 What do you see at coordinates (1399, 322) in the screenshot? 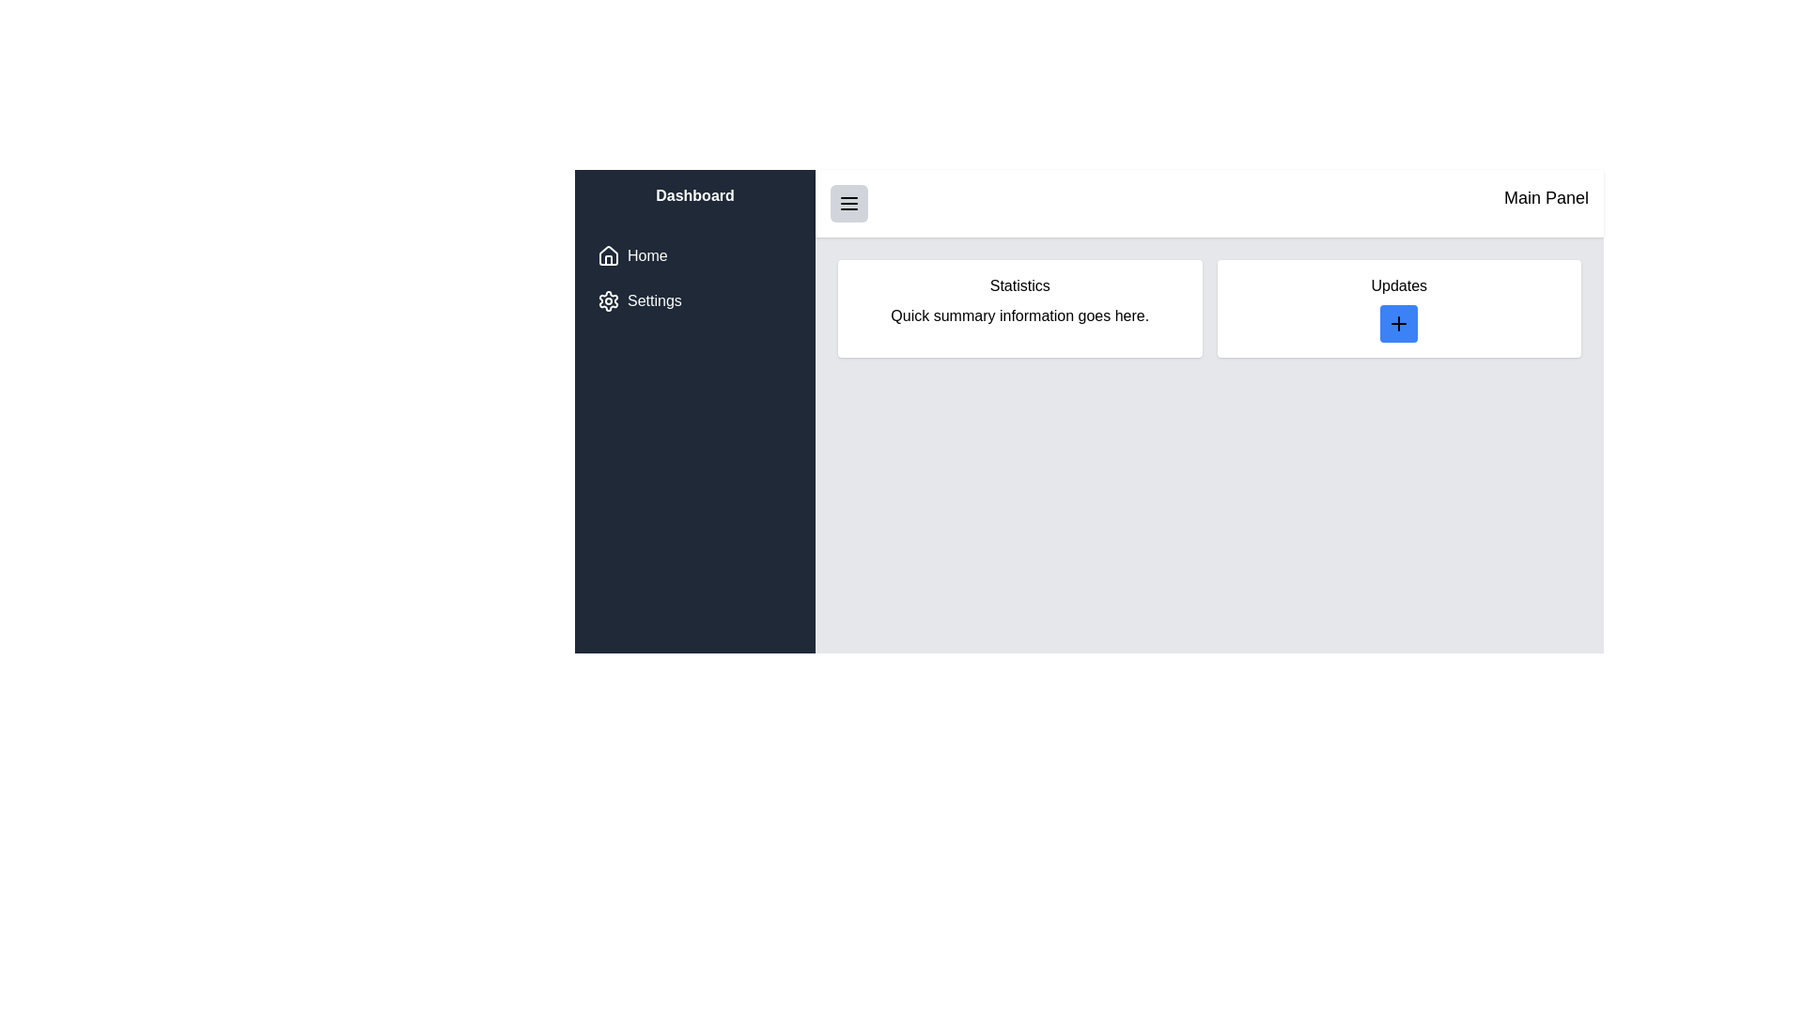
I see `the blue button with rounded corners and a '+' icon at its center, located beneath the 'Updates' text in the second column of the 'Updates' panel` at bounding box center [1399, 322].